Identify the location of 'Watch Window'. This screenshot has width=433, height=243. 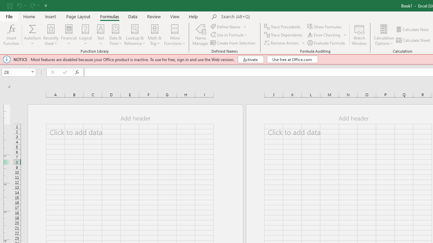
(359, 35).